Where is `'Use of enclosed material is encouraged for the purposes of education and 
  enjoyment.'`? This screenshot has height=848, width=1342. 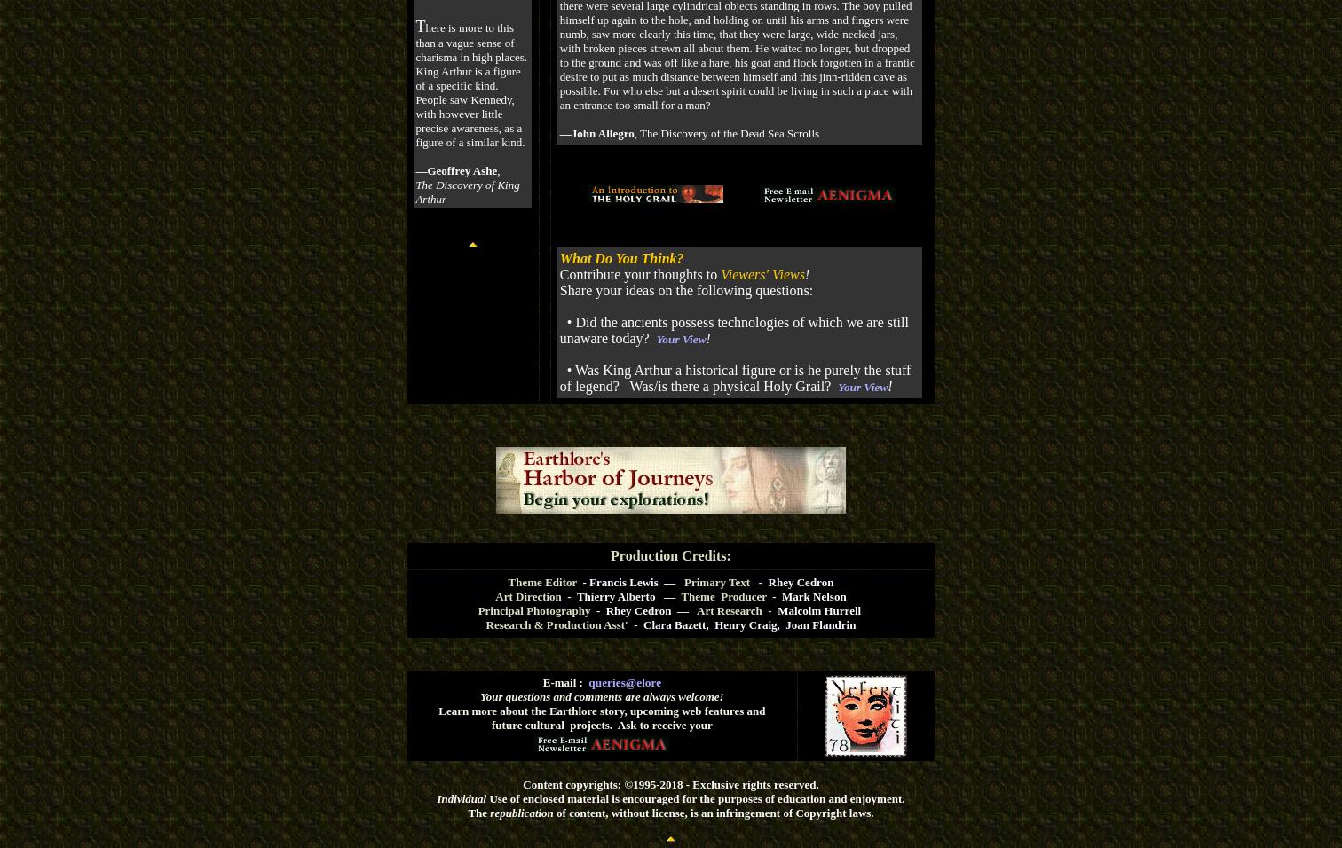 'Use of enclosed material is encouraged for the purposes of education and 
  enjoyment.' is located at coordinates (695, 797).